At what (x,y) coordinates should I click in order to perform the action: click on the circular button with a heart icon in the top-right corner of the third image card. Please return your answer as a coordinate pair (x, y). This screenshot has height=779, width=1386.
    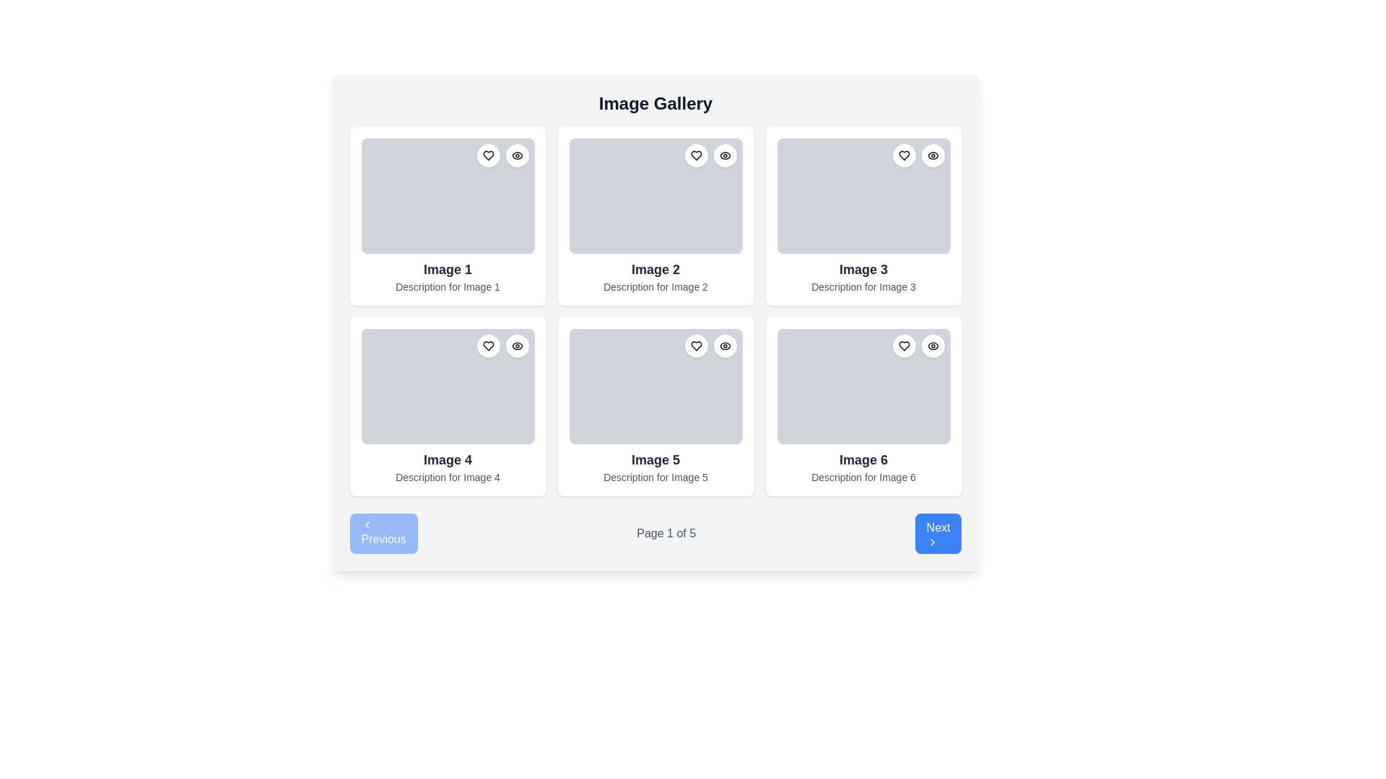
    Looking at the image, I should click on (903, 156).